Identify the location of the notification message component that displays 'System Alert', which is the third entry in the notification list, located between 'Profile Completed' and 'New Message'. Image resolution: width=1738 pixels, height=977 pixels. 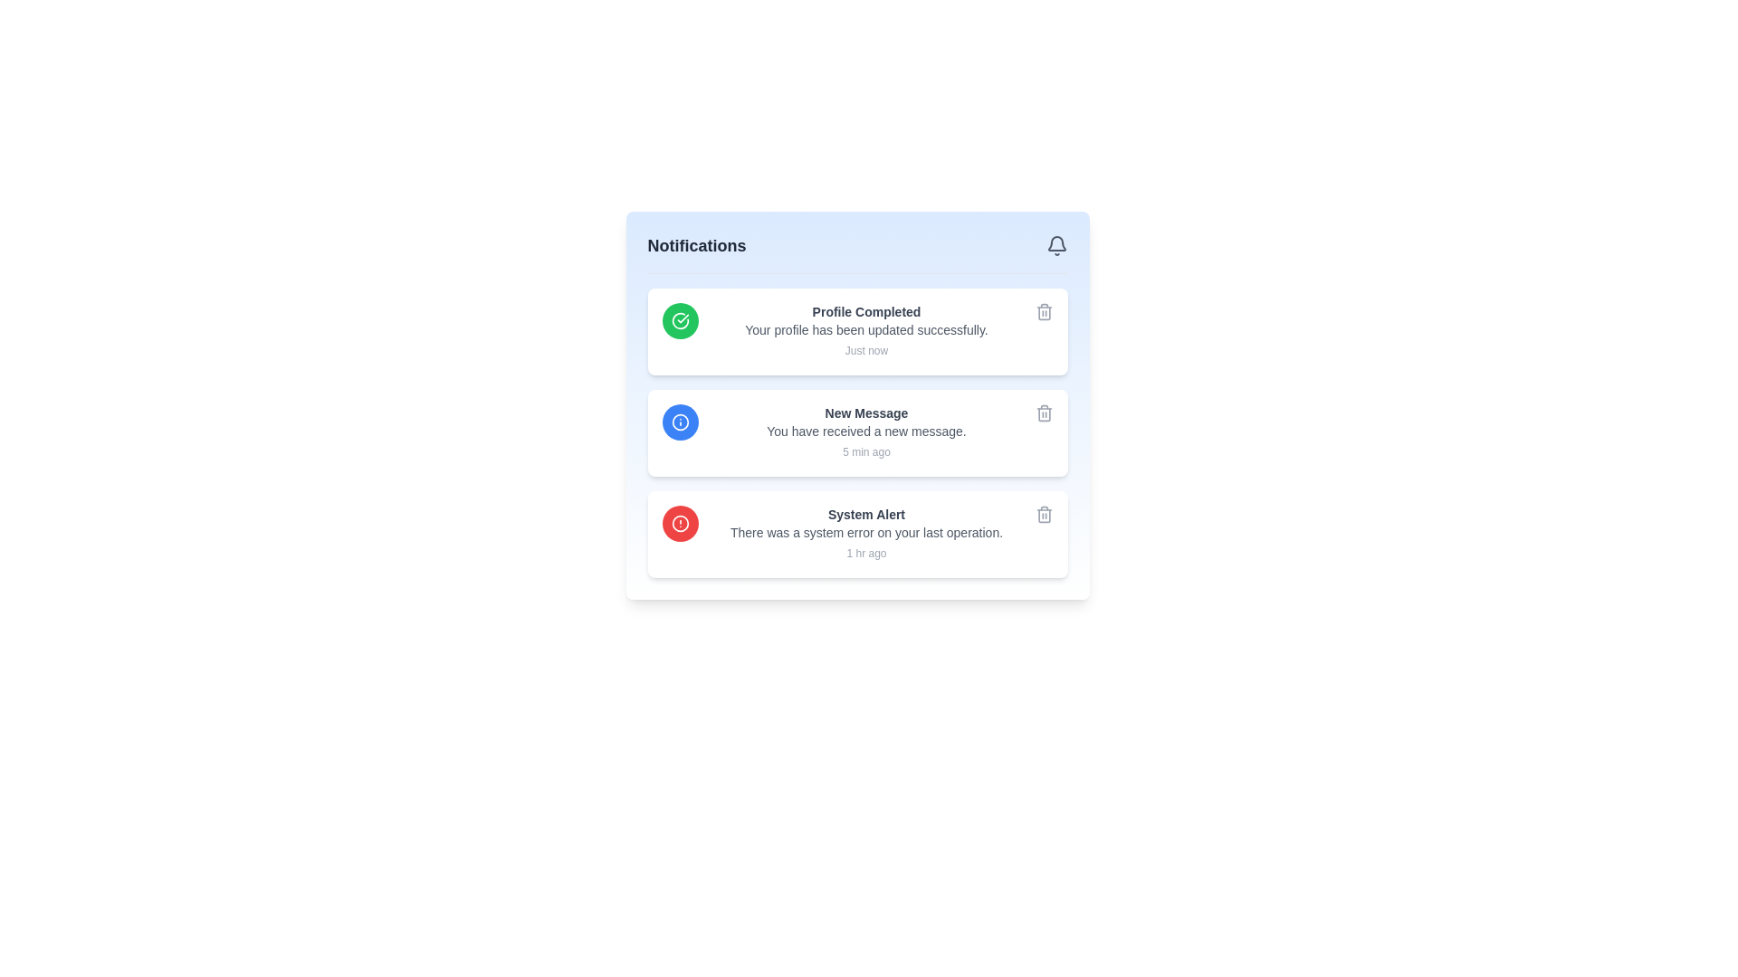
(865, 533).